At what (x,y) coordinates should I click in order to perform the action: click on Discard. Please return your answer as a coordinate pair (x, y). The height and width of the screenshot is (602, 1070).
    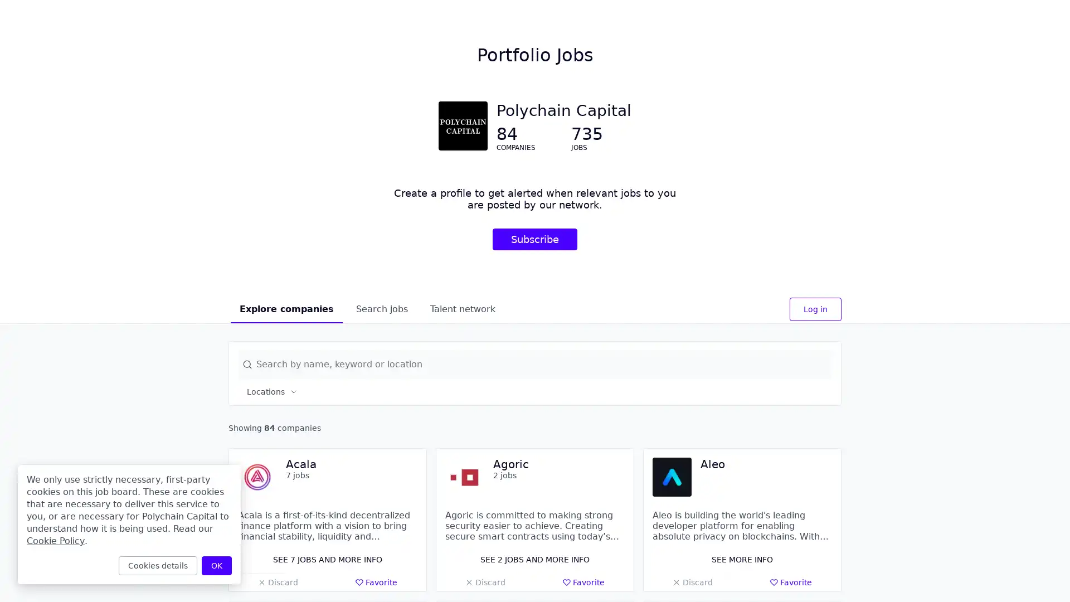
    Looking at the image, I should click on (692, 582).